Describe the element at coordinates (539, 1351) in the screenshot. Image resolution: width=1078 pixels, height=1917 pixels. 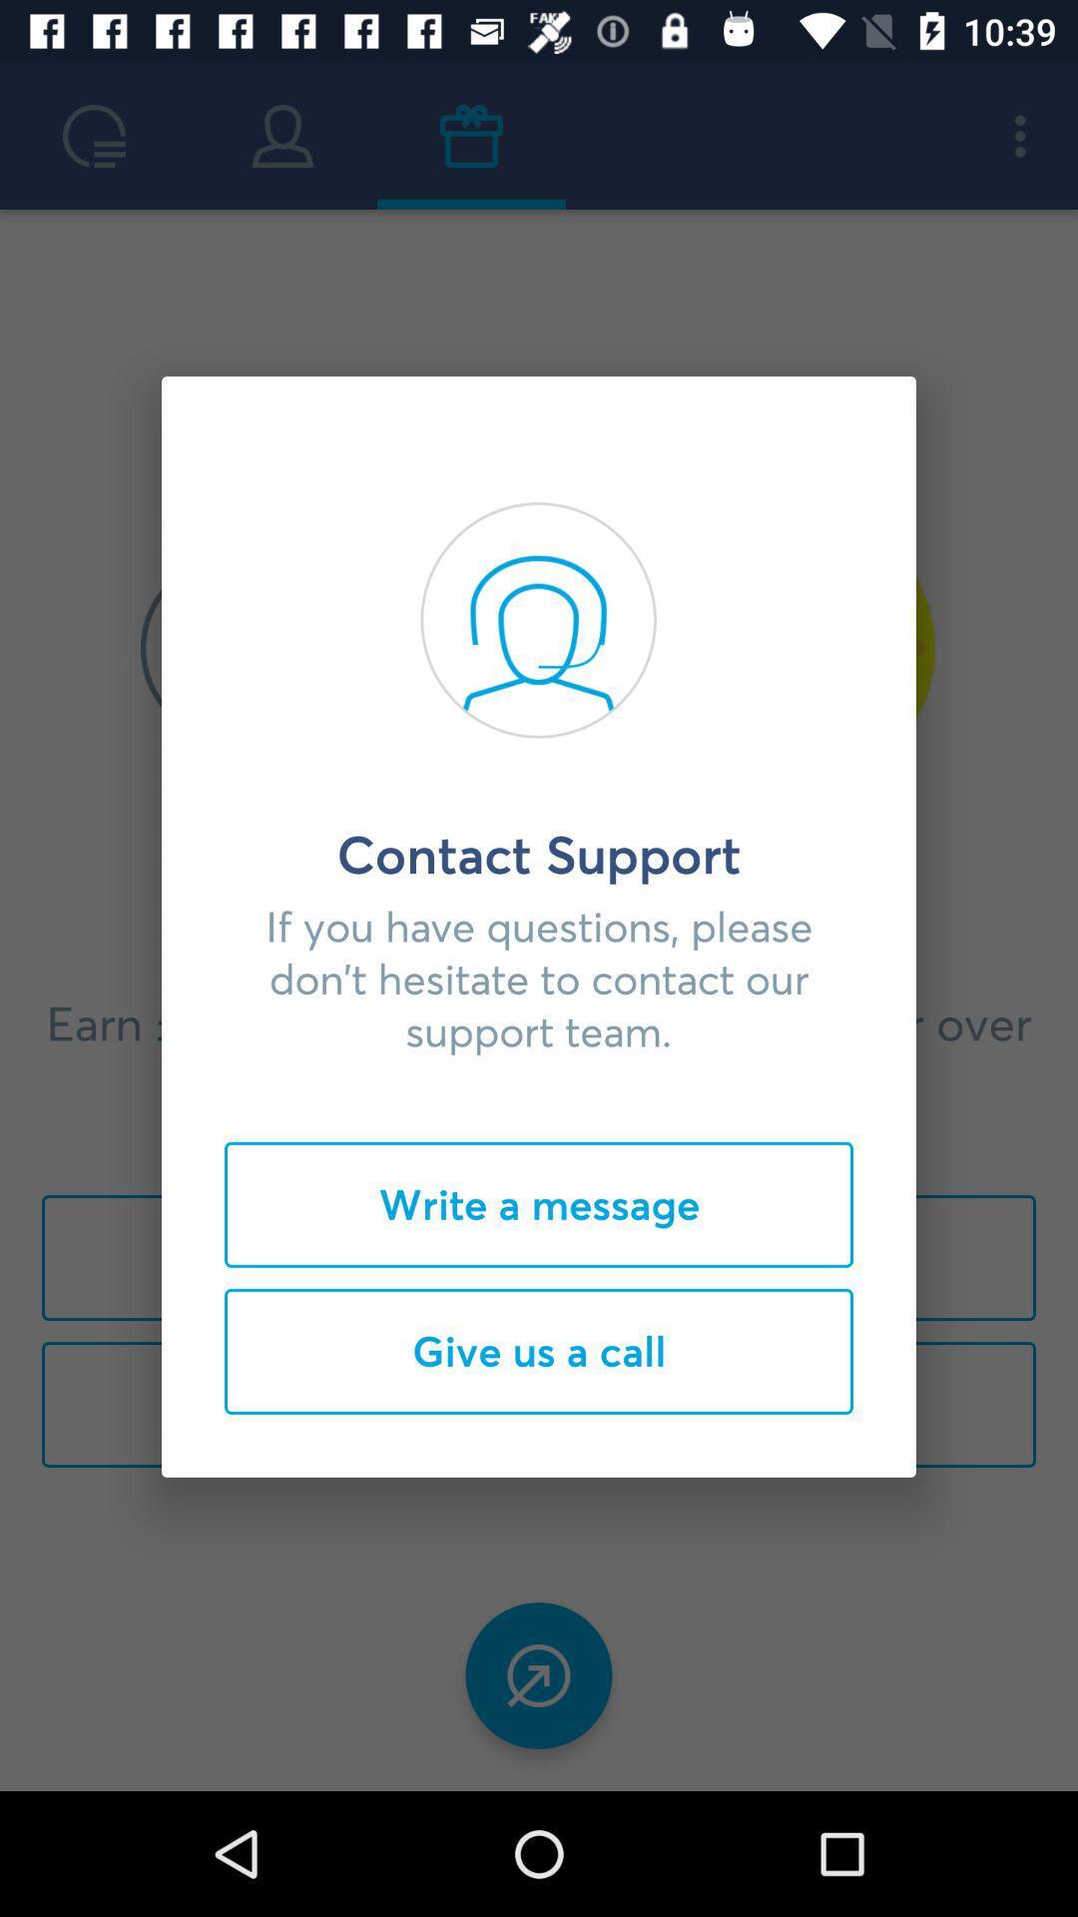
I see `the give us a at the bottom` at that location.